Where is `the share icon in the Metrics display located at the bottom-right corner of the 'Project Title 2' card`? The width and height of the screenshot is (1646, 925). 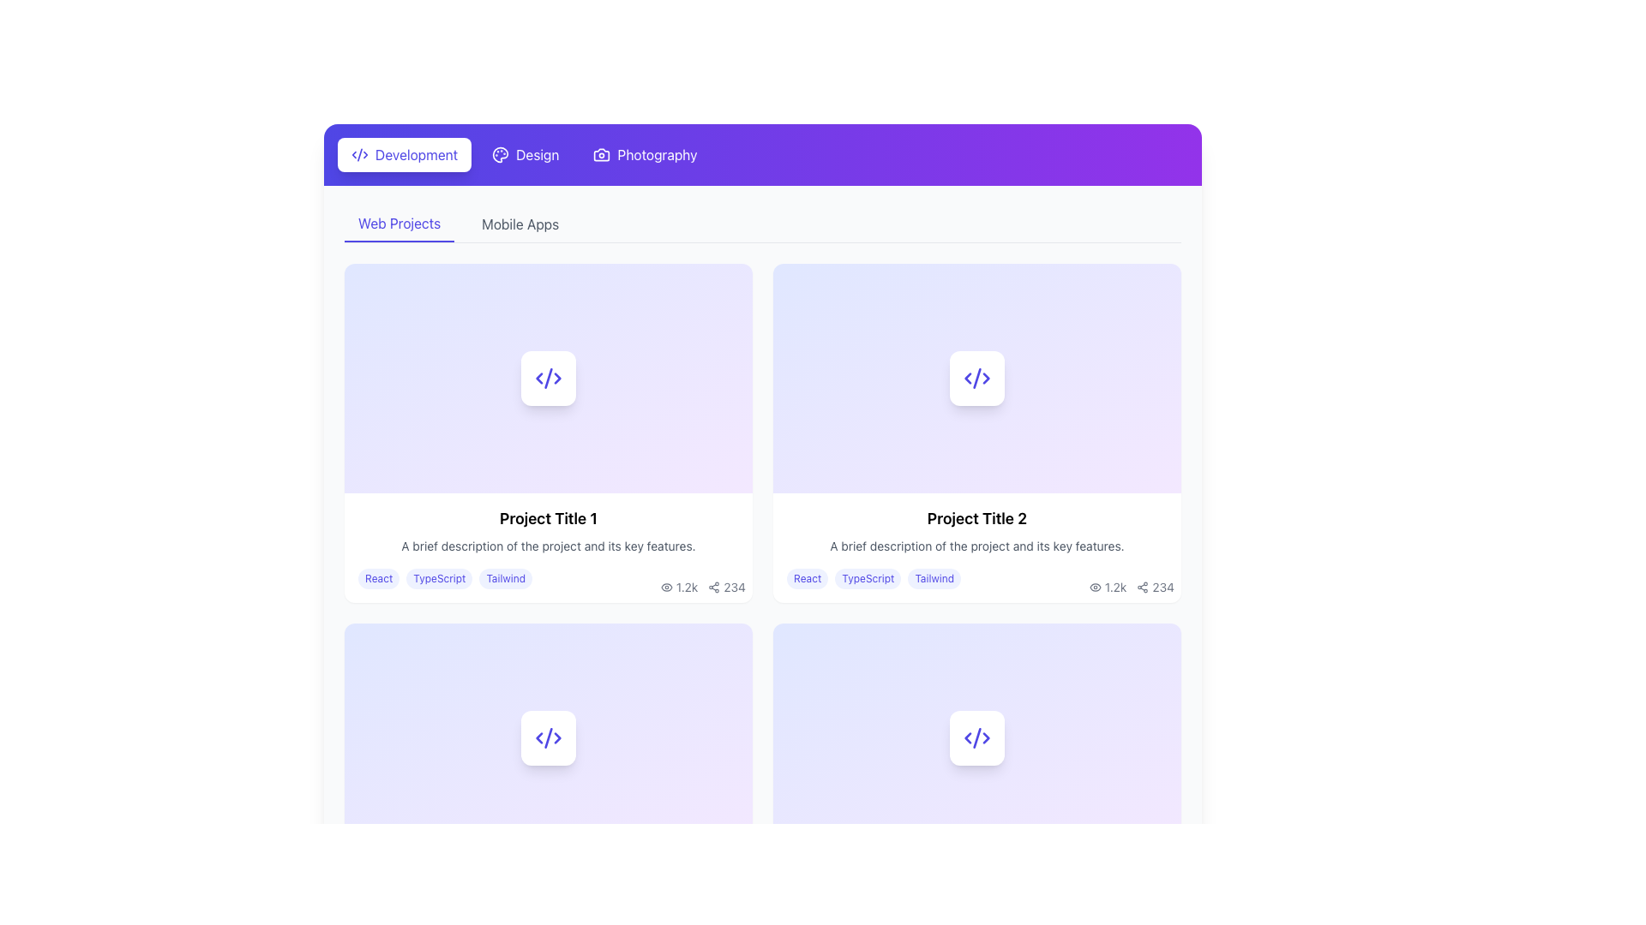 the share icon in the Metrics display located at the bottom-right corner of the 'Project Title 2' card is located at coordinates (1132, 586).